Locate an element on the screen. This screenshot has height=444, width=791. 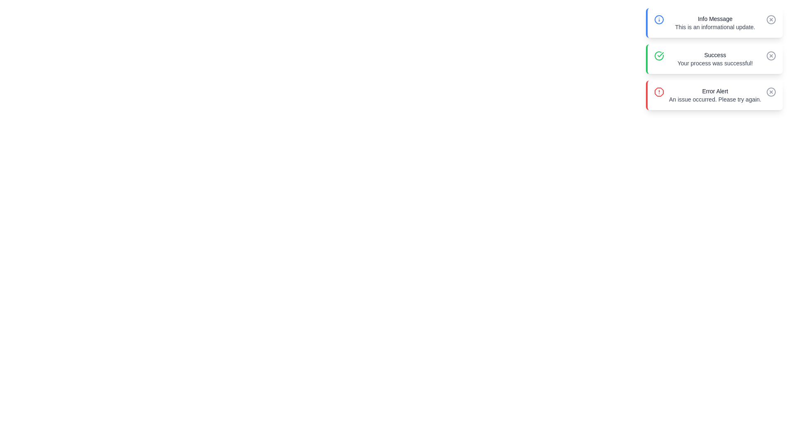
the octagonal red icon resembling an alert symbol, which is located in the top-left corner of the 'Error Alert' notification card is located at coordinates (658, 92).